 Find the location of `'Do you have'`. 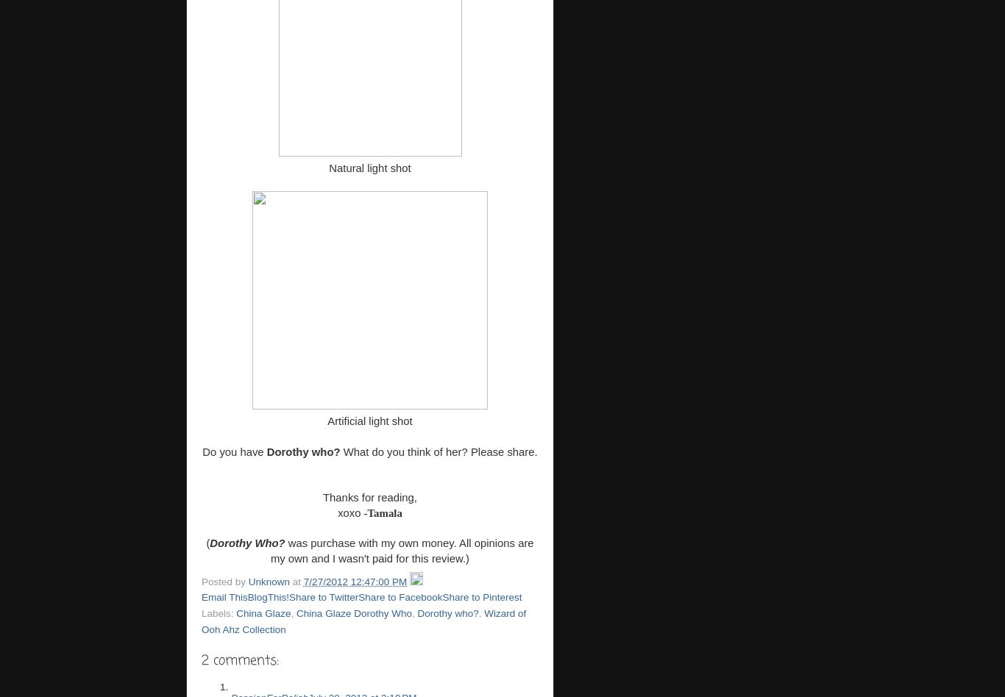

'Do you have' is located at coordinates (234, 451).